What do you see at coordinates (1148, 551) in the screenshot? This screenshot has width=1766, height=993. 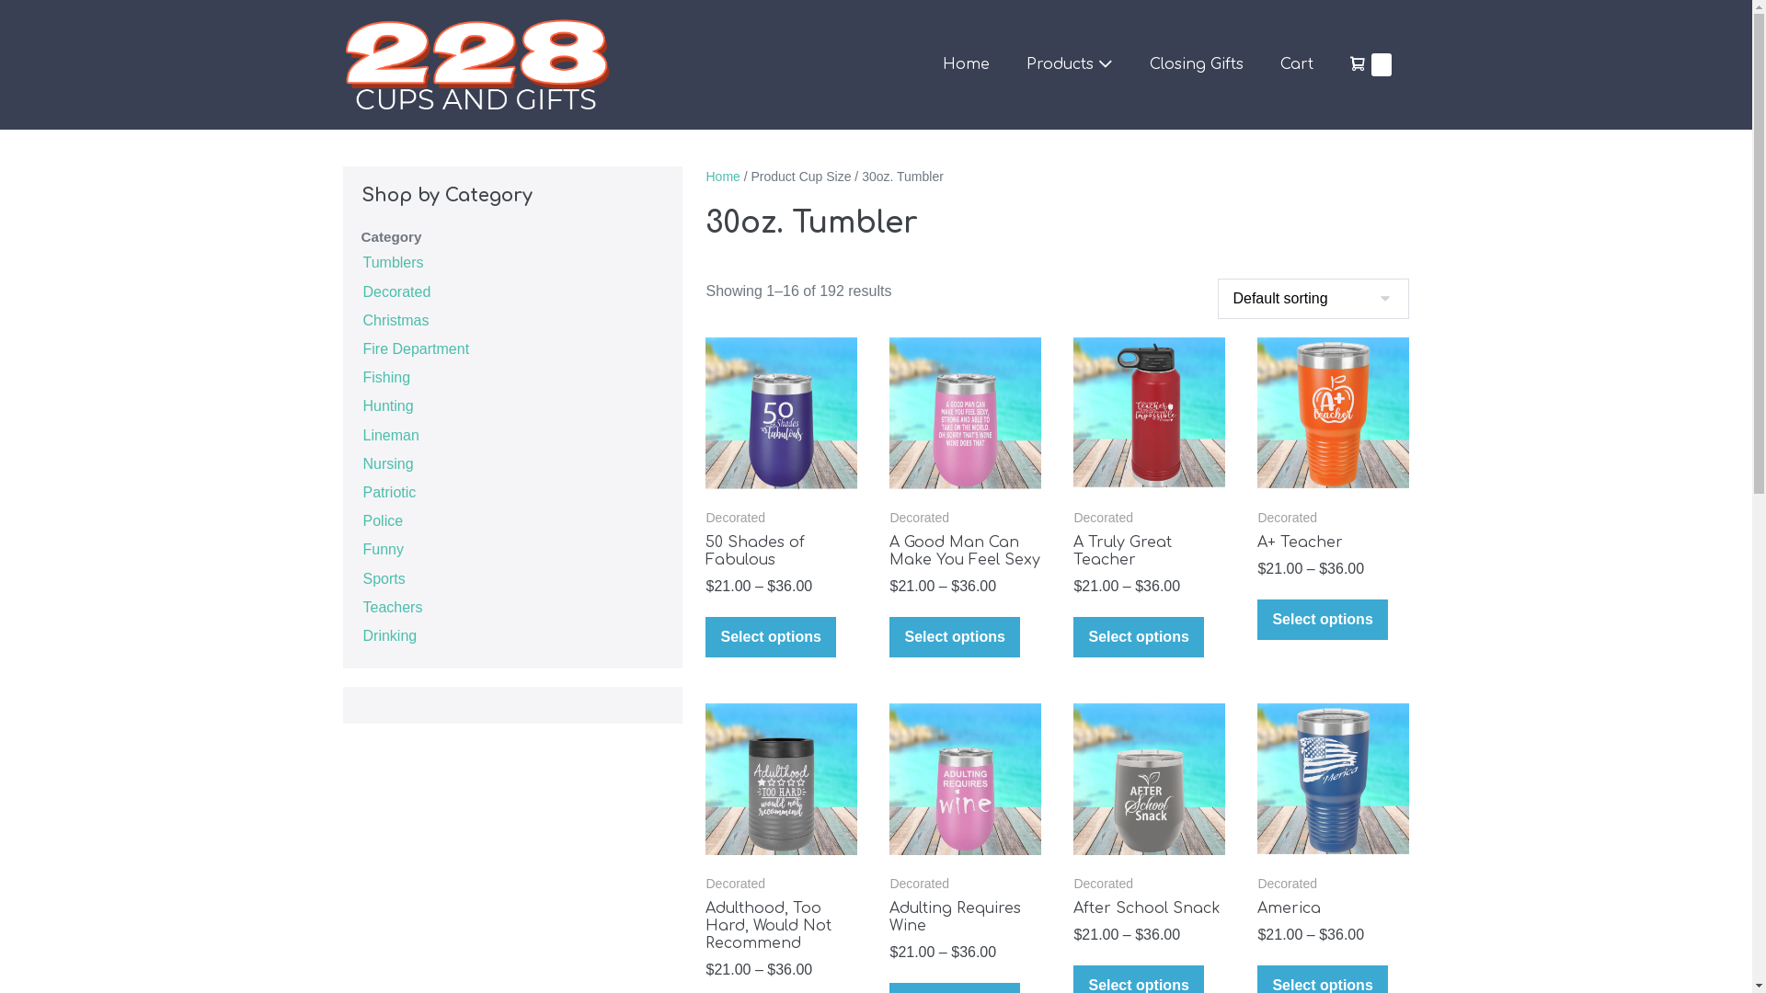 I see `'A Truly Great Teacher'` at bounding box center [1148, 551].